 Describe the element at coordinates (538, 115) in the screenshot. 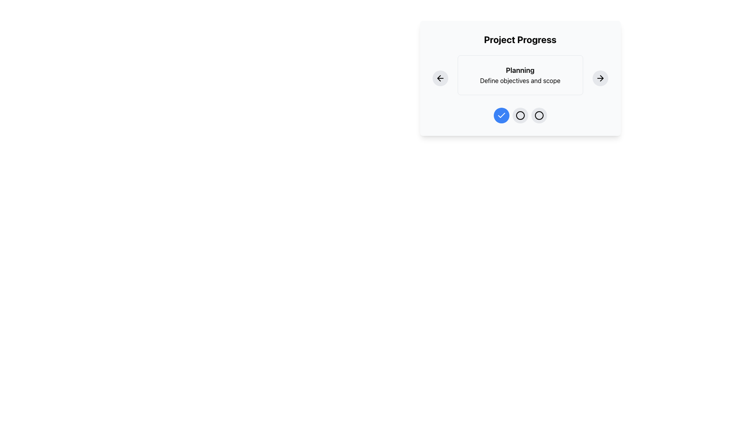

I see `the third button from the left in the group of three buttons below the 'Planning' card` at that location.